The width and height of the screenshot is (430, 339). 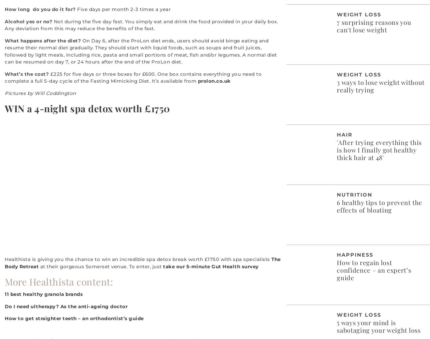 What do you see at coordinates (101, 266) in the screenshot?
I see `'at their gorgeous Somerset venue. To enter, just'` at bounding box center [101, 266].